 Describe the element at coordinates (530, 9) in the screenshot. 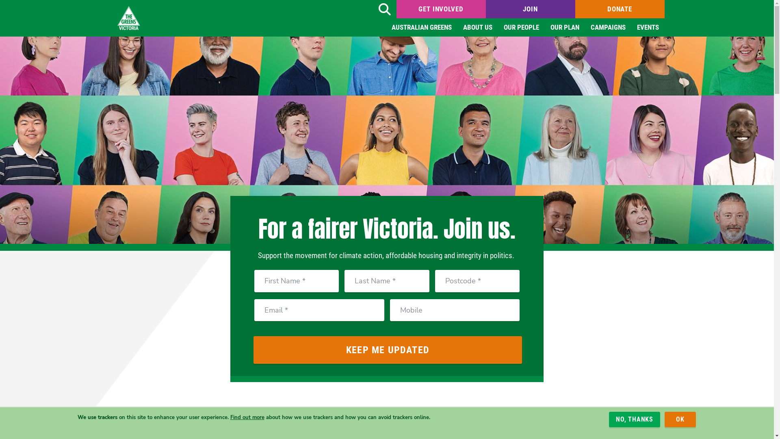

I see `'JOIN'` at that location.